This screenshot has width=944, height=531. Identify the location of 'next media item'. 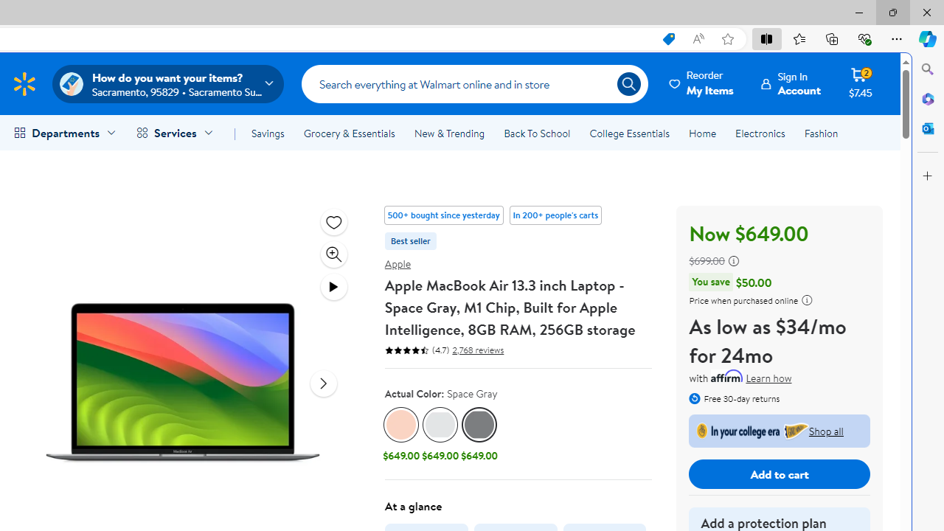
(322, 382).